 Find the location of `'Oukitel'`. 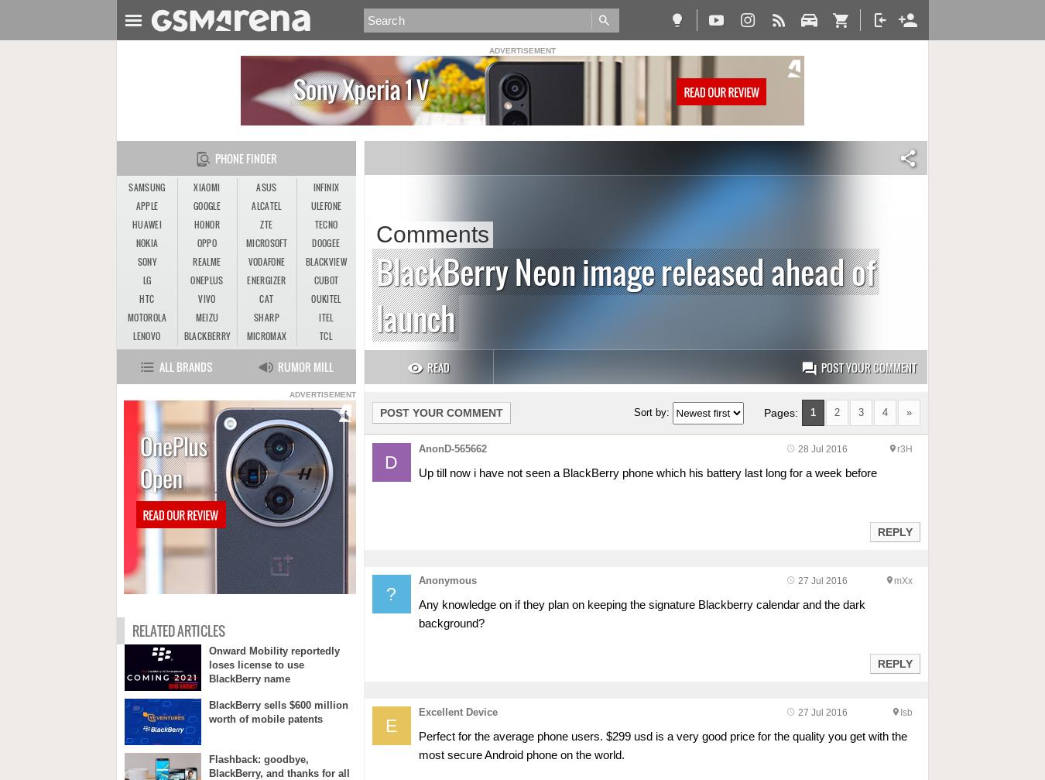

'Oukitel' is located at coordinates (326, 298).